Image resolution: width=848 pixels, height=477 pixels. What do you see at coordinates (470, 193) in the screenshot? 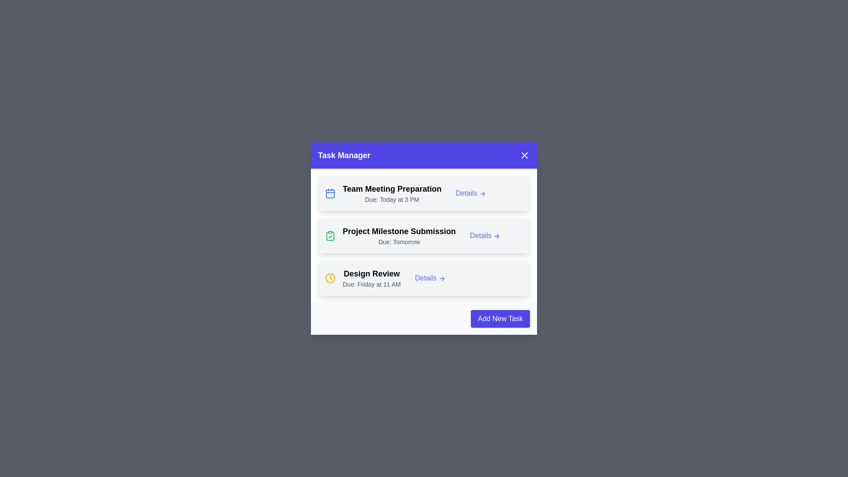
I see `the button located on the right side of the row labeled 'Team Meeting Preparation'` at bounding box center [470, 193].